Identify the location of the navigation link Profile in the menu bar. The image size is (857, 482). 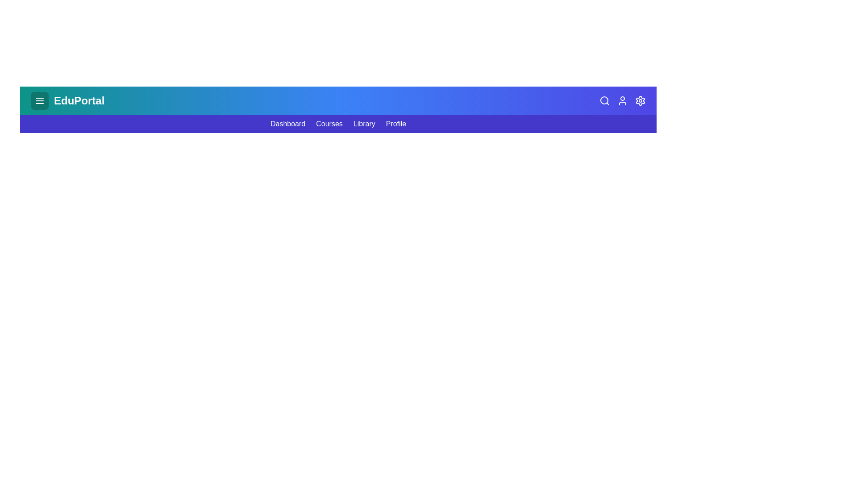
(395, 124).